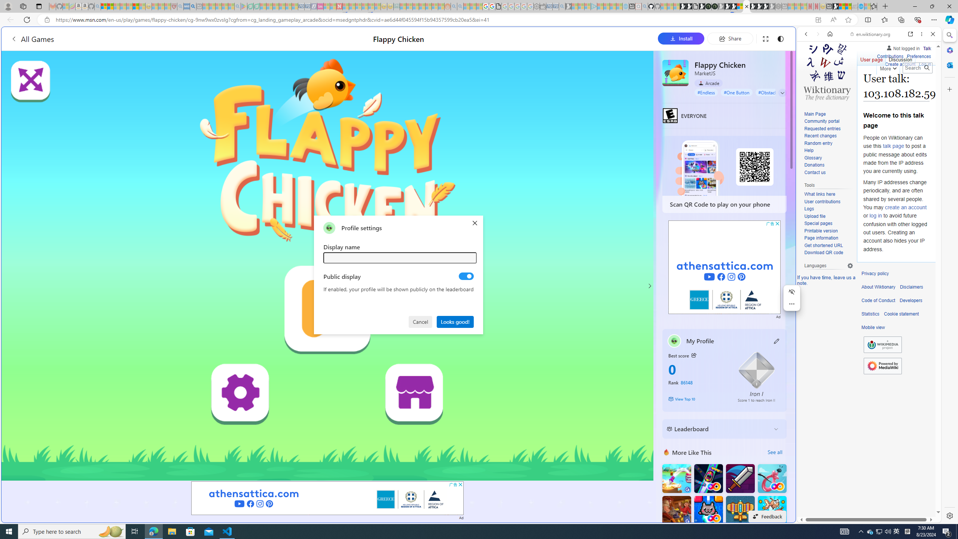 The height and width of the screenshot is (539, 958). What do you see at coordinates (910, 301) in the screenshot?
I see `'Developers'` at bounding box center [910, 301].